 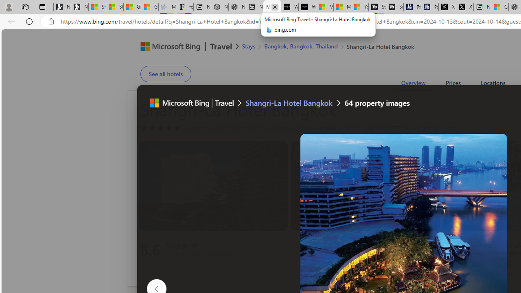 What do you see at coordinates (150, 7) in the screenshot?
I see `'Gilma and Hector both pose tropical trouble for Hawaii'` at bounding box center [150, 7].